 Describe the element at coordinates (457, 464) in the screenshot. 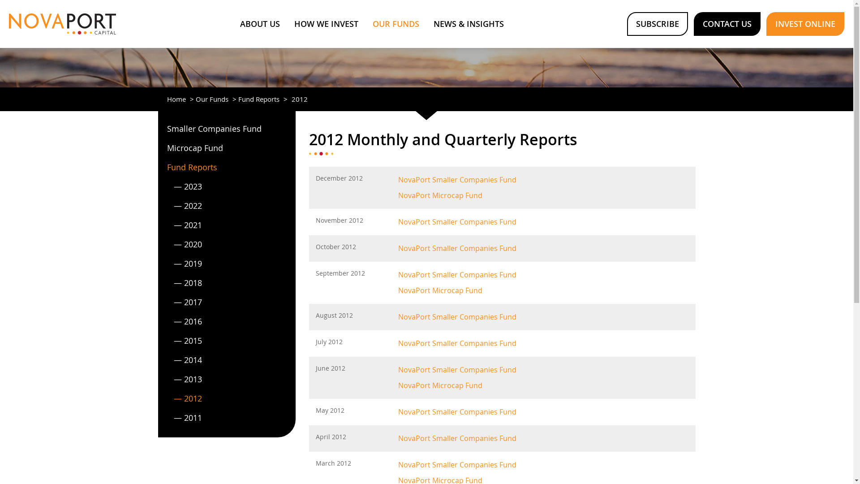

I see `'NovaPort Smaller Companies Fund'` at that location.